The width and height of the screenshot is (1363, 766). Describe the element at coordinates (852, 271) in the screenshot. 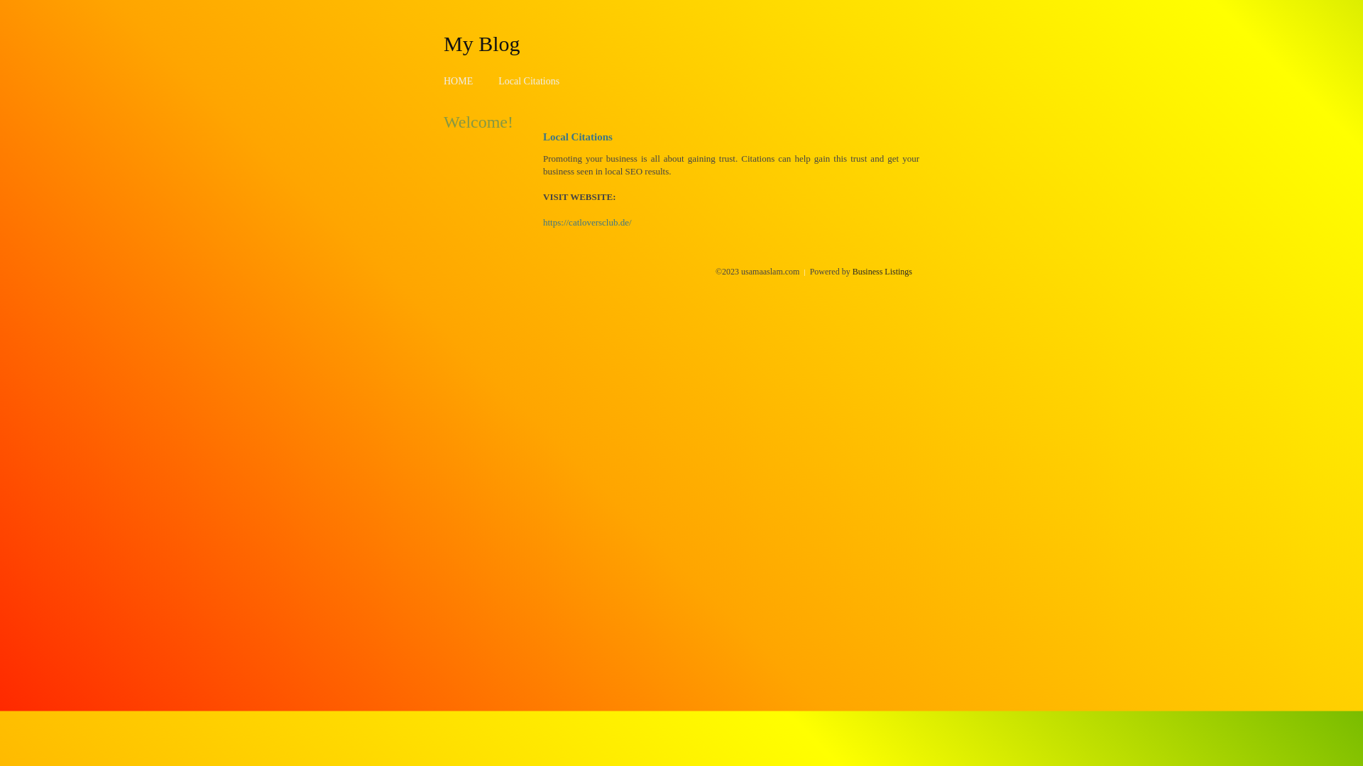

I see `'Business Listings'` at that location.